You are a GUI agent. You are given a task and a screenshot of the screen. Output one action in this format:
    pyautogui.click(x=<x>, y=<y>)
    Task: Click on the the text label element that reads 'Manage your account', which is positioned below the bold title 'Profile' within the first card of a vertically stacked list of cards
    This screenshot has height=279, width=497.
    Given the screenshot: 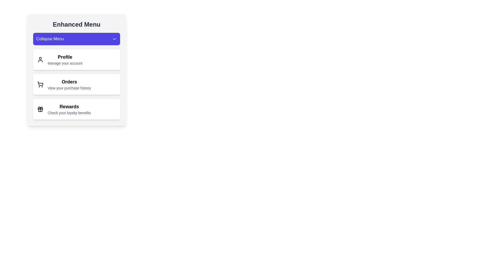 What is the action you would take?
    pyautogui.click(x=65, y=63)
    